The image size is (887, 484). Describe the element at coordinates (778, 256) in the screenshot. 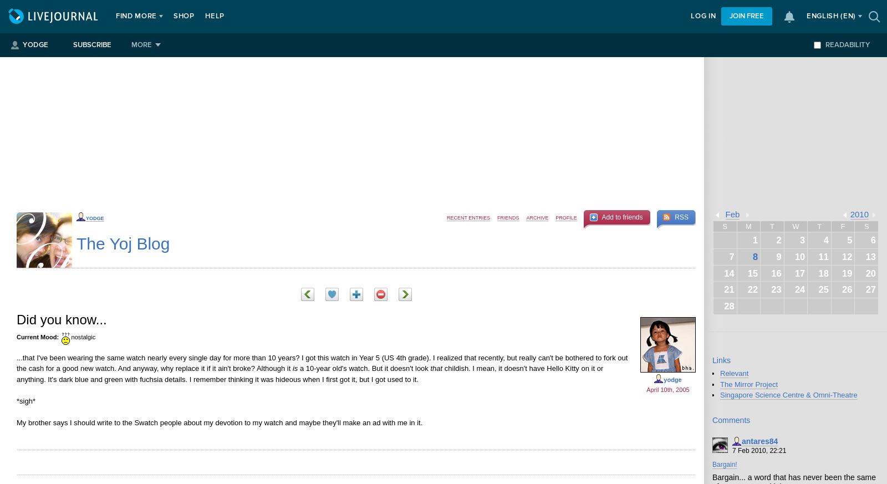

I see `'9'` at that location.